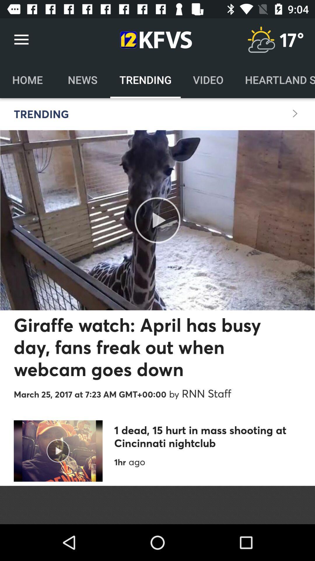  What do you see at coordinates (261, 39) in the screenshot?
I see `weather` at bounding box center [261, 39].